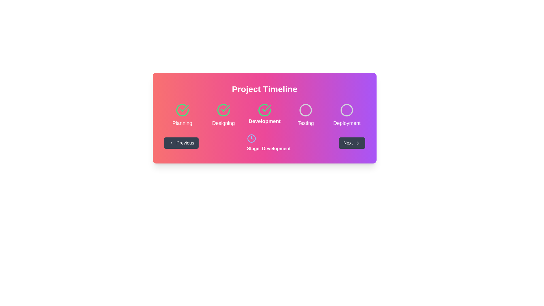  What do you see at coordinates (225, 108) in the screenshot?
I see `the second checkmark icon indicating the completion of the 'Designing' step in the project timeline` at bounding box center [225, 108].